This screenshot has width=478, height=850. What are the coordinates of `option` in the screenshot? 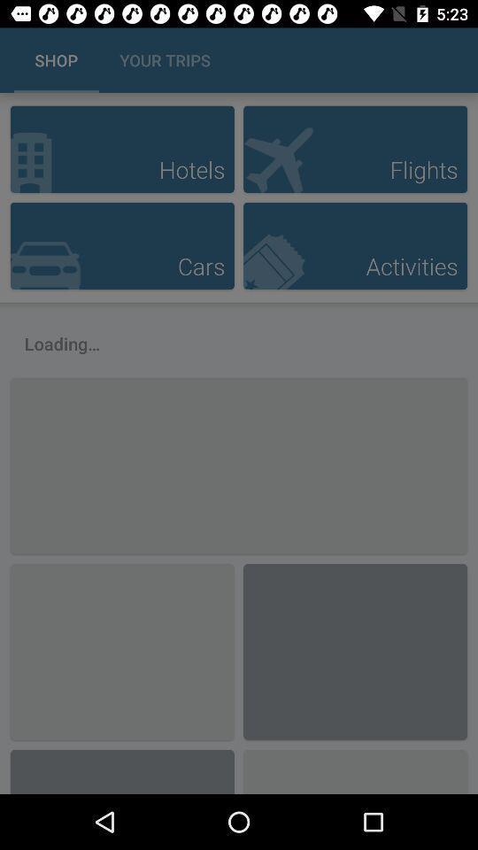 It's located at (121, 148).